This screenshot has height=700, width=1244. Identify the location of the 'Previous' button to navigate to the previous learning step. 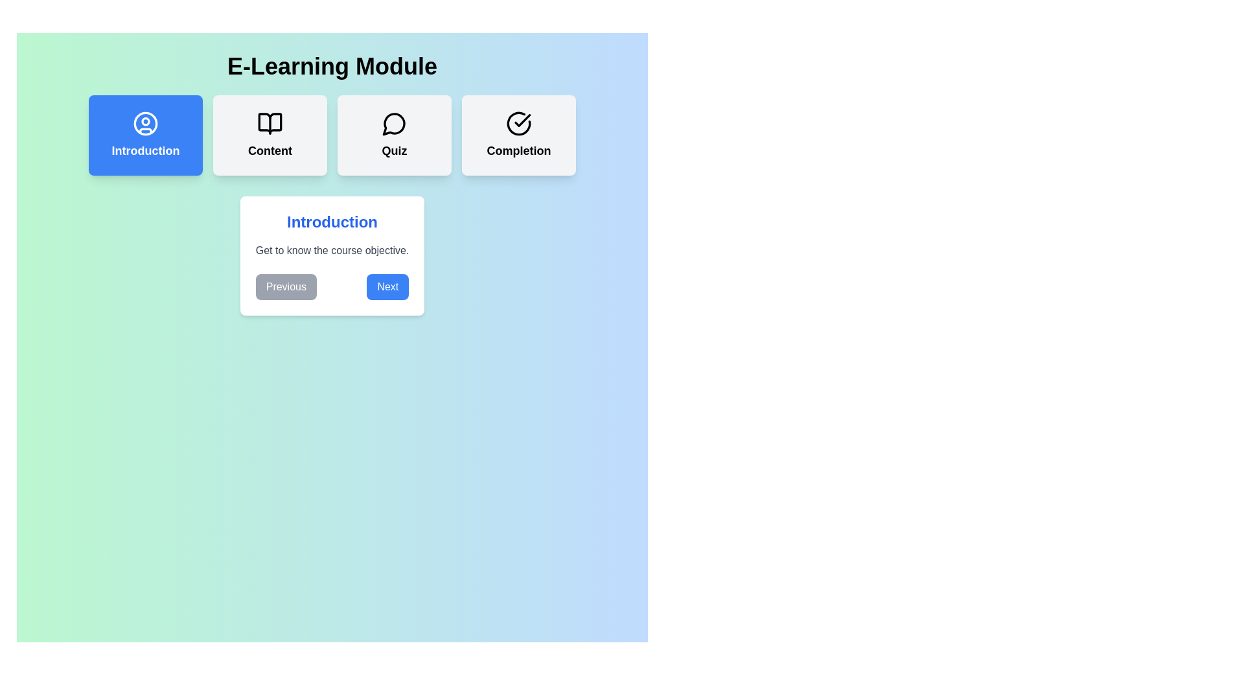
(285, 286).